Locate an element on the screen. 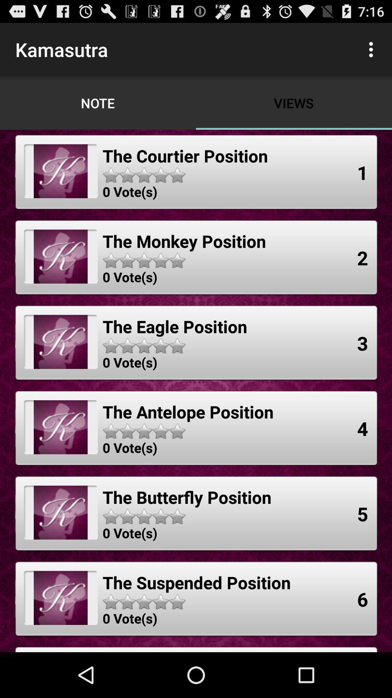  4 app is located at coordinates (363, 428).